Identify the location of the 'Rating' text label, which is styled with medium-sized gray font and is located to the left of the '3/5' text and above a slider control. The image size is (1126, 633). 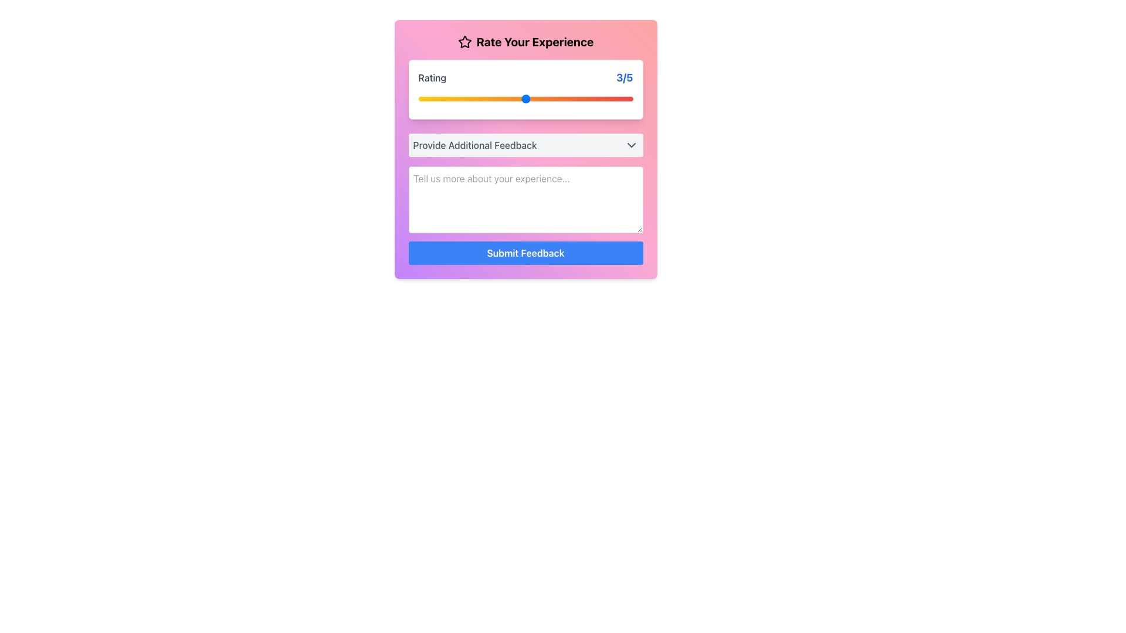
(432, 77).